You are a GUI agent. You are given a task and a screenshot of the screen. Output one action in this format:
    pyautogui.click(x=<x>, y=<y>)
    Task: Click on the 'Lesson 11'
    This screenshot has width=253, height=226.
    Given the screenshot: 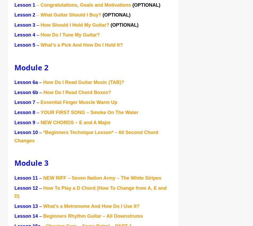 What is the action you would take?
    pyautogui.click(x=14, y=178)
    